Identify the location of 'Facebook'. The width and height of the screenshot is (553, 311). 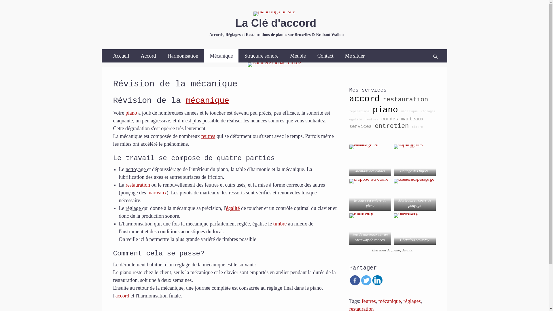
(354, 280).